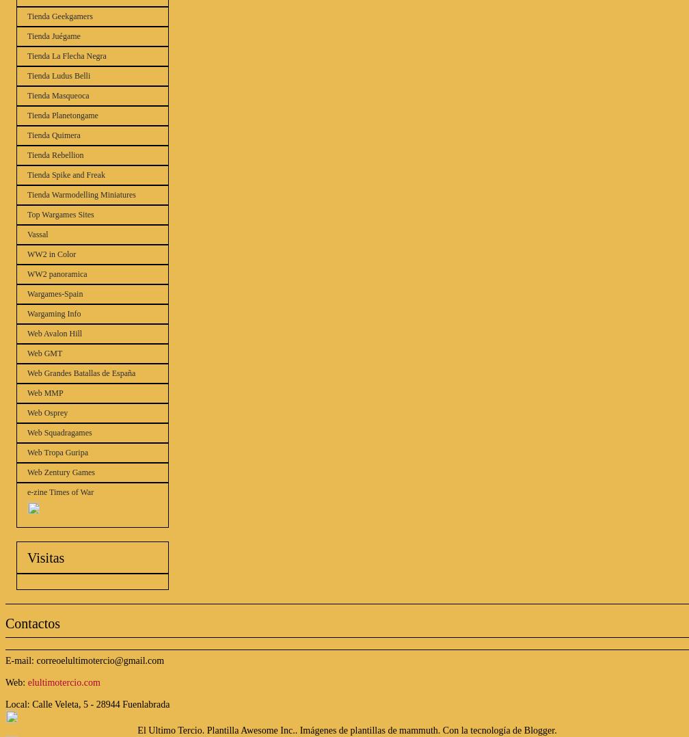  I want to click on 'Web Osprey', so click(47, 413).